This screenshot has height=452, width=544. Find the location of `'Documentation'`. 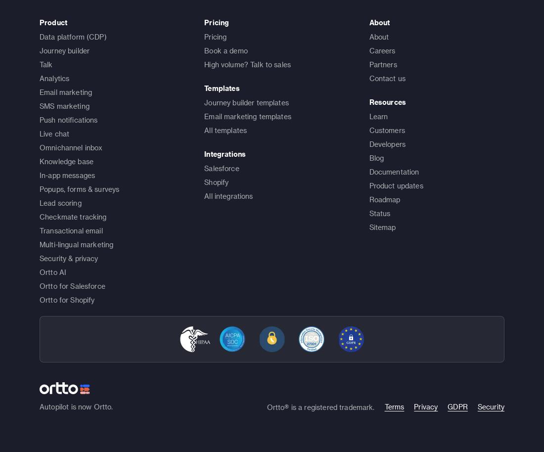

'Documentation' is located at coordinates (394, 171).